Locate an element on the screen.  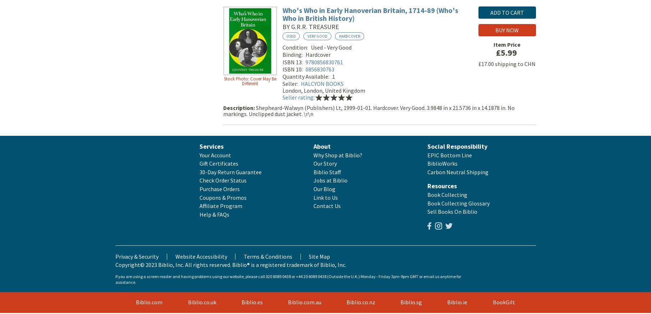
'Biblio.co.nz' is located at coordinates (361, 303).